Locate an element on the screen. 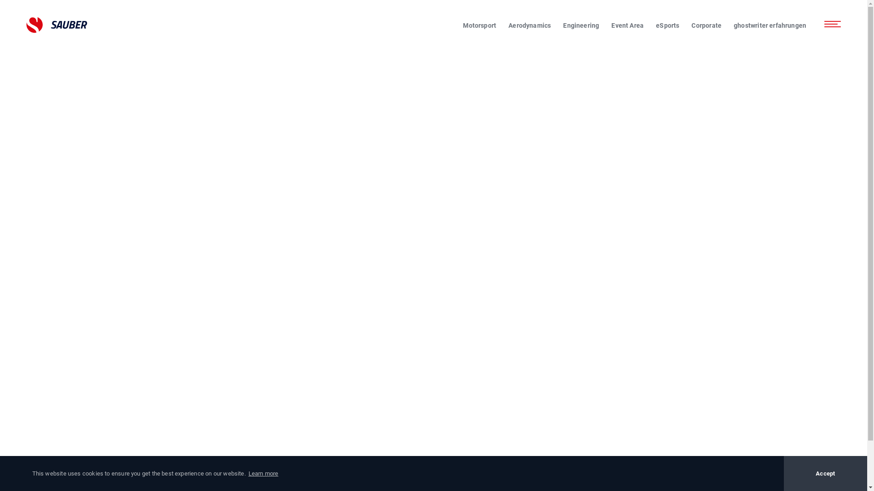  'Corporate' is located at coordinates (691, 25).